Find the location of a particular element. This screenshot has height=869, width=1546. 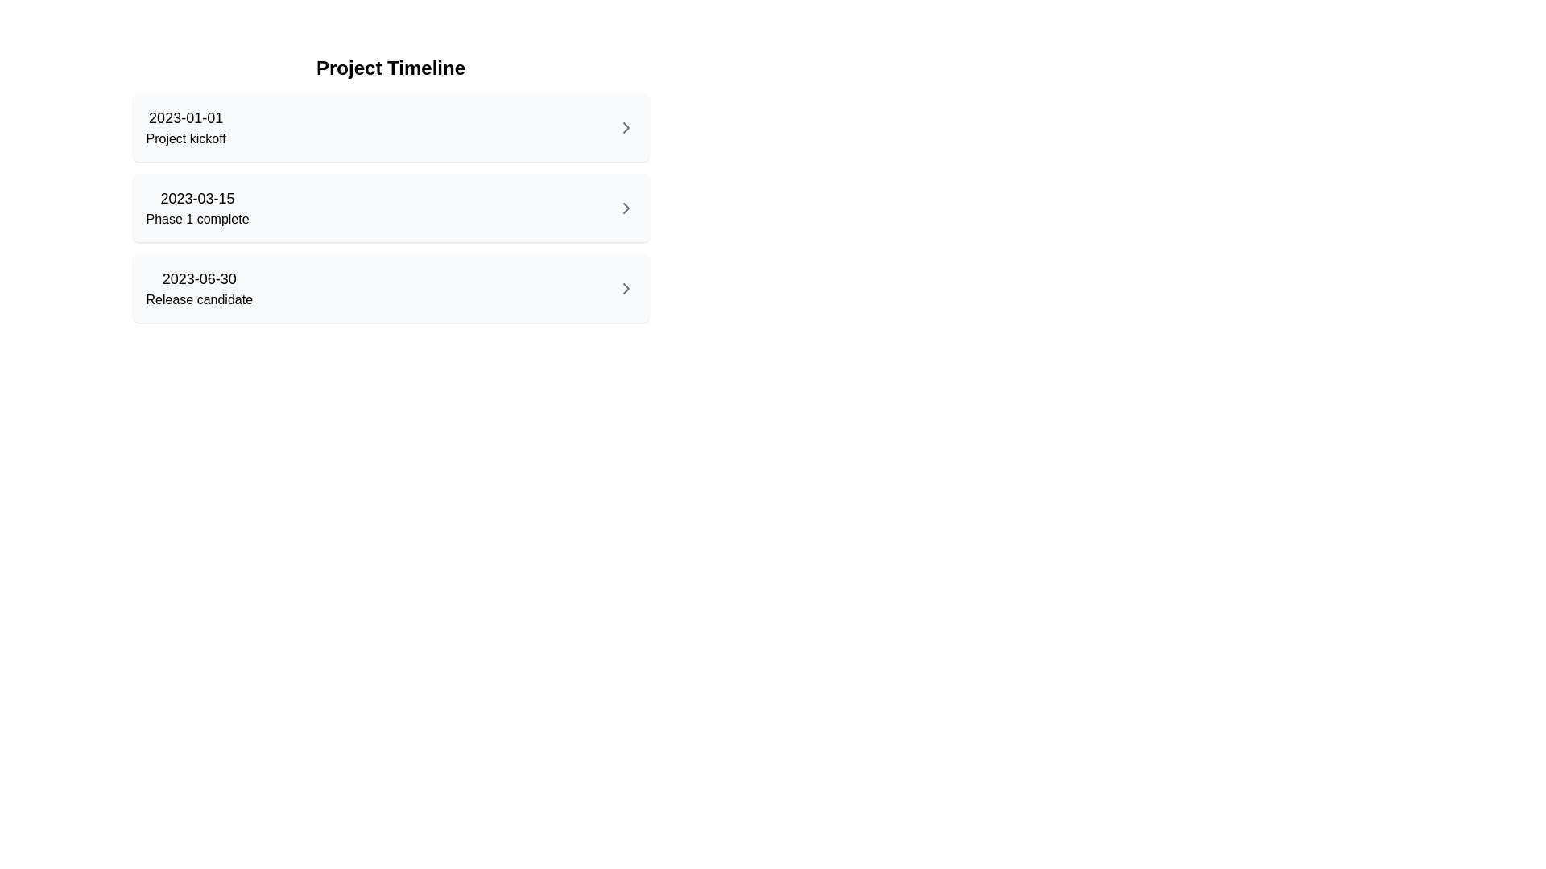

text label displaying the date '2023-03-15' located within the 'Phase 1 complete' card in the Project Timeline list is located at coordinates (196, 197).